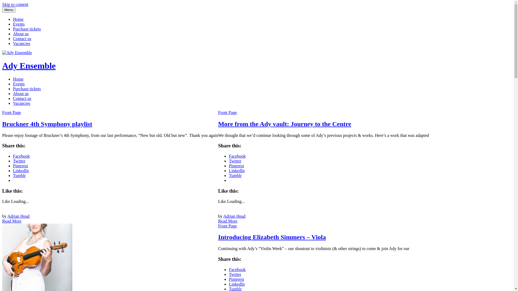 The width and height of the screenshot is (518, 291). I want to click on 'LinkedIn', so click(237, 171).